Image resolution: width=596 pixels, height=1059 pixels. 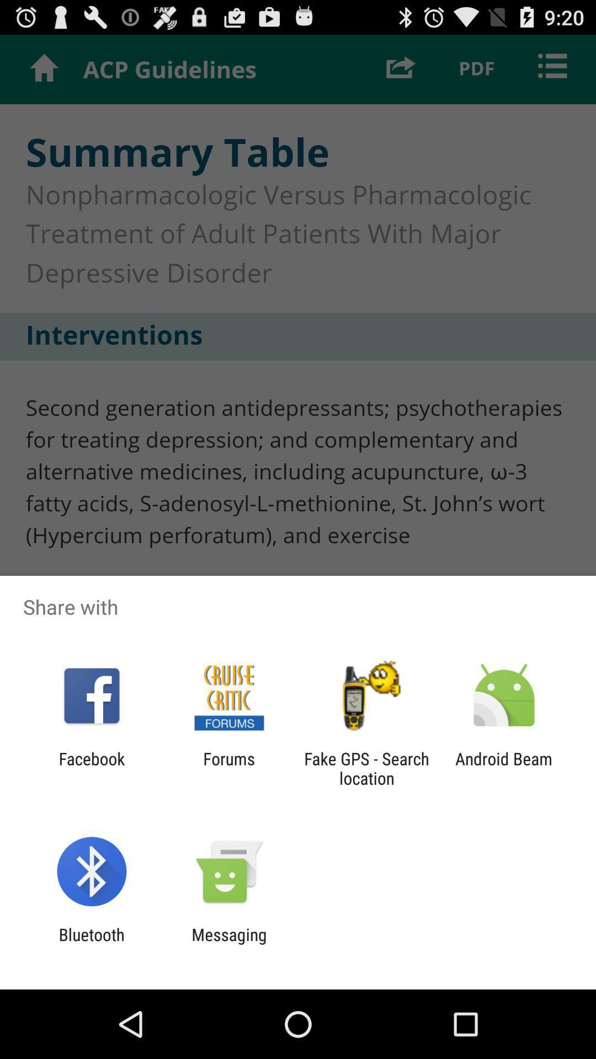 What do you see at coordinates (228, 944) in the screenshot?
I see `the messaging app` at bounding box center [228, 944].